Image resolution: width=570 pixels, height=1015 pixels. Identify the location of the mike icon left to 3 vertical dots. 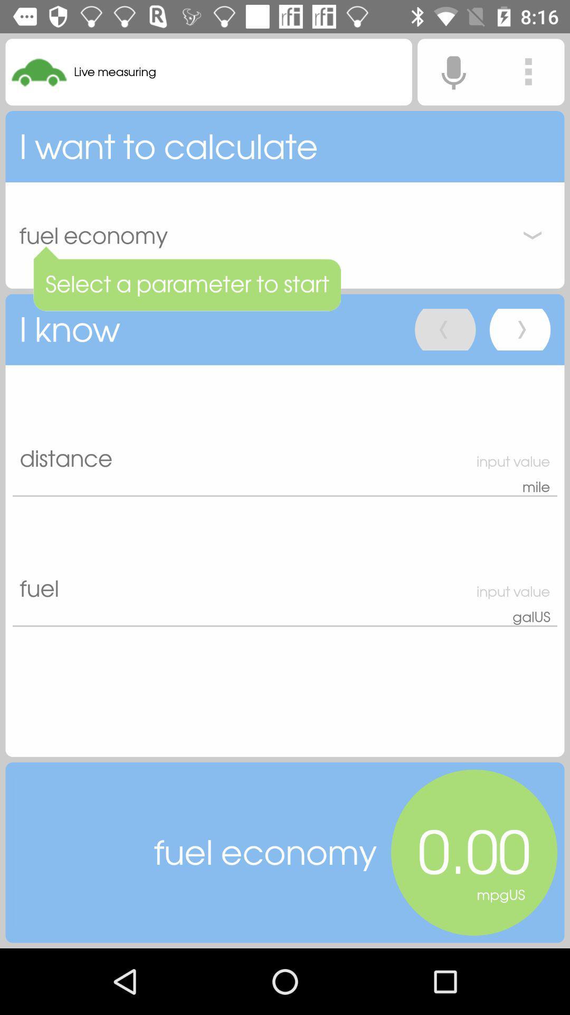
(453, 71).